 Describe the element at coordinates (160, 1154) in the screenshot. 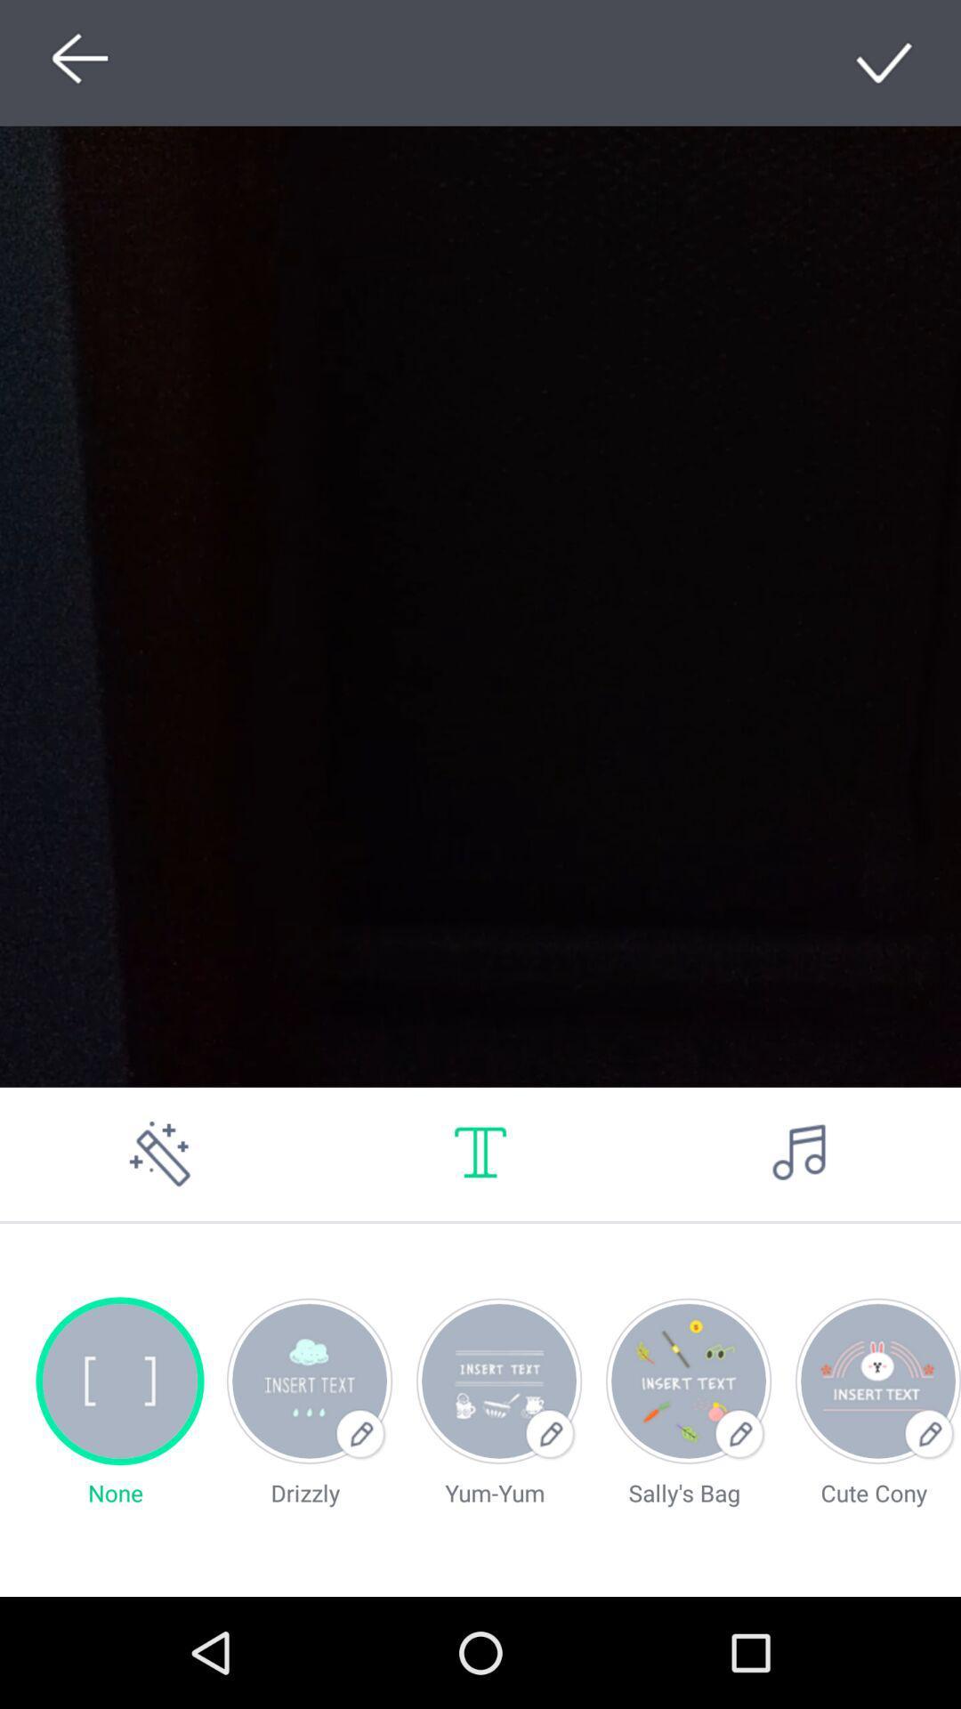

I see `effect option` at that location.